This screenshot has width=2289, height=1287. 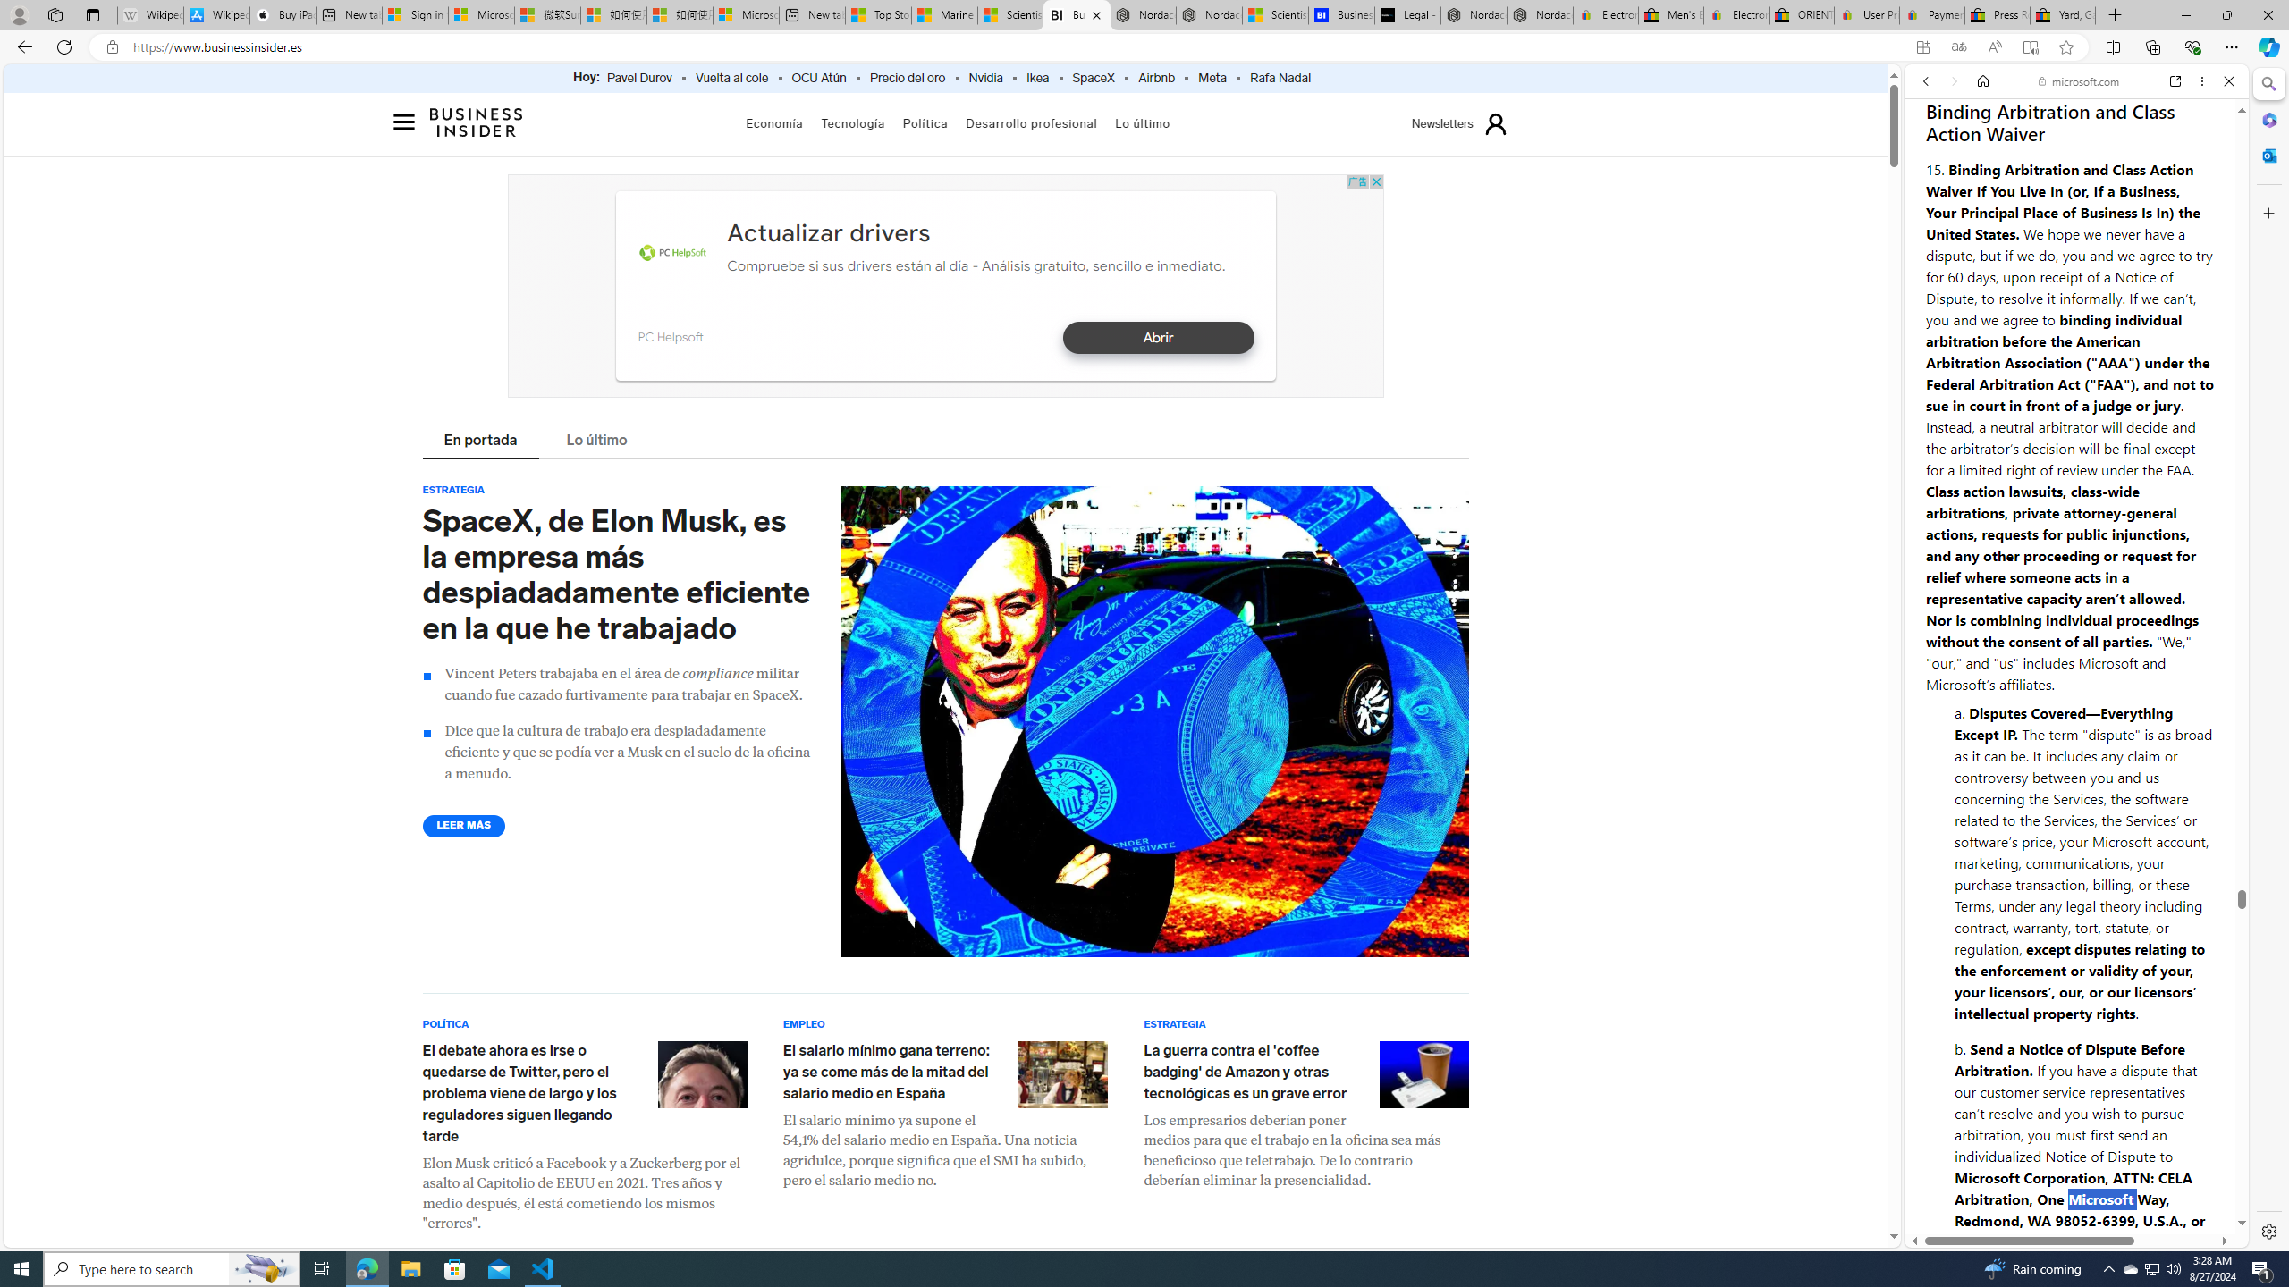 What do you see at coordinates (1155, 78) in the screenshot?
I see `'Airbnb'` at bounding box center [1155, 78].